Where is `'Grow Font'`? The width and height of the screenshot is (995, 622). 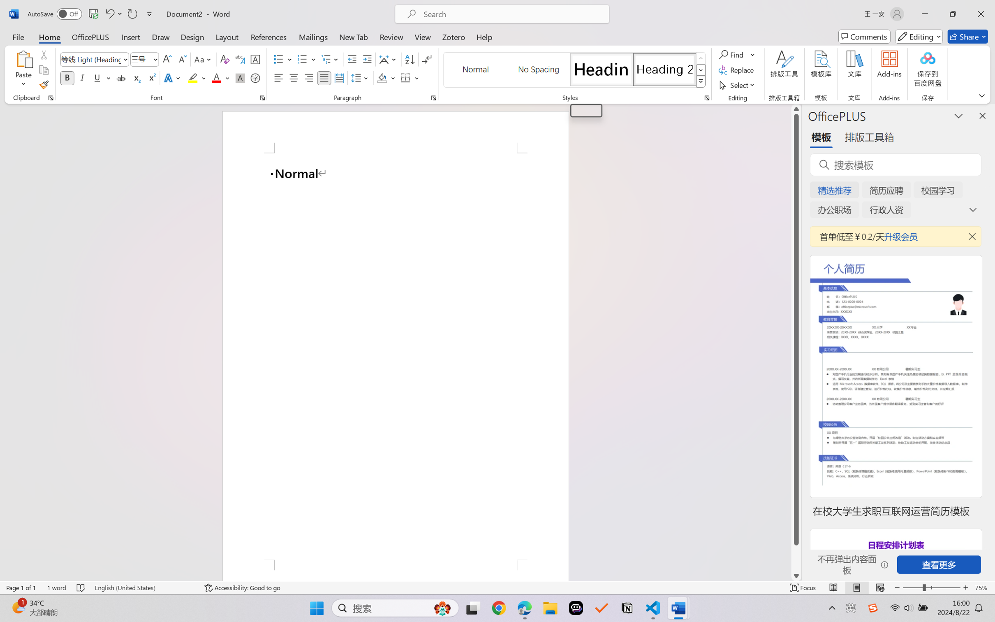 'Grow Font' is located at coordinates (167, 59).